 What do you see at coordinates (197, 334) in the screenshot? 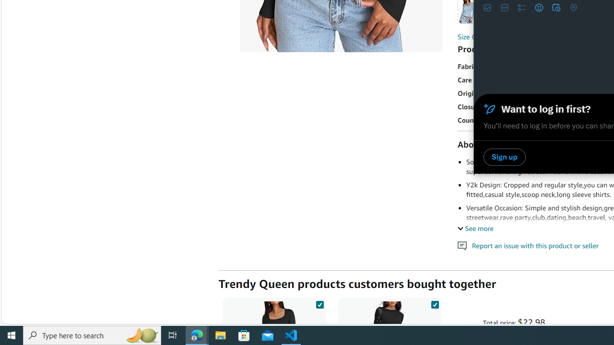
I see `'Microsoft Edge - 3 running windows'` at bounding box center [197, 334].